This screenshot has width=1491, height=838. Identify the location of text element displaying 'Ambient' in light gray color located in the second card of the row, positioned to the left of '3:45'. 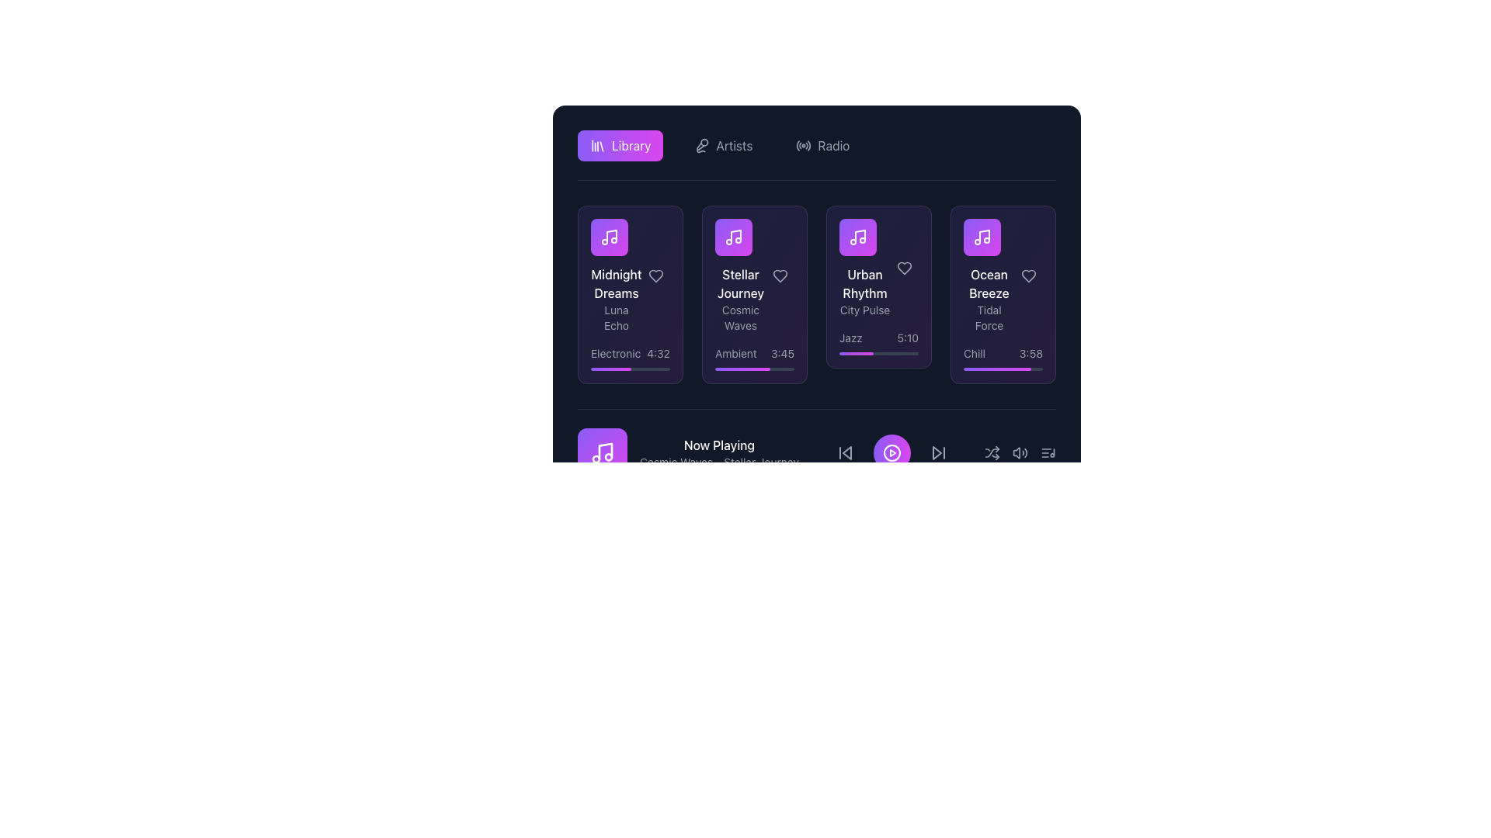
(735, 353).